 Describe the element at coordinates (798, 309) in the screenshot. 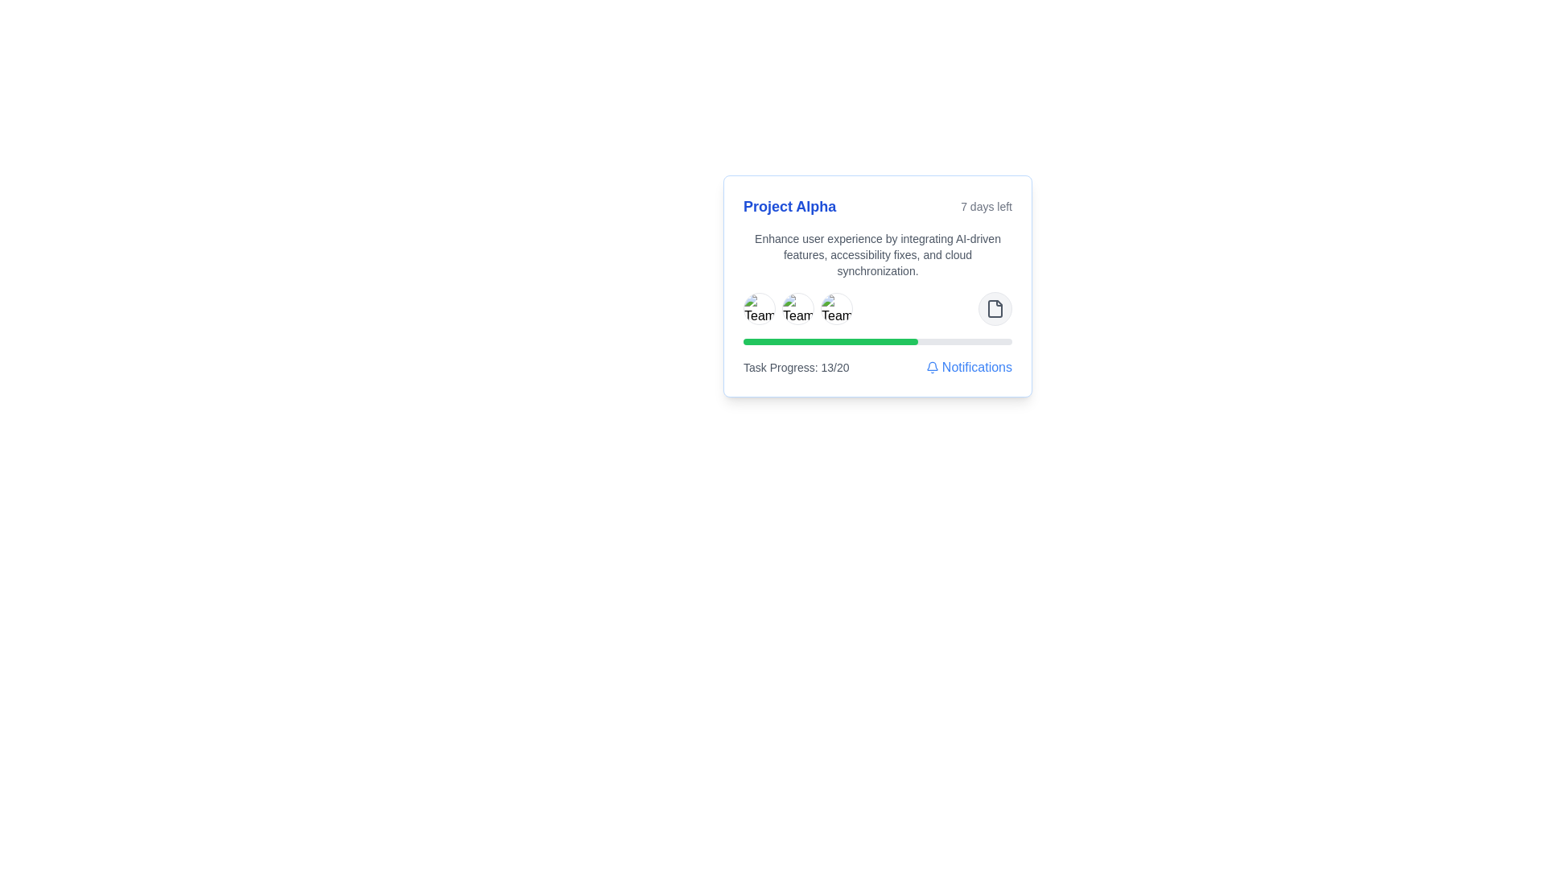

I see `the circular profile image labeled 'Team', which is the middle avatar in a lineup of three, located at the top of a card-like component for project information` at that location.